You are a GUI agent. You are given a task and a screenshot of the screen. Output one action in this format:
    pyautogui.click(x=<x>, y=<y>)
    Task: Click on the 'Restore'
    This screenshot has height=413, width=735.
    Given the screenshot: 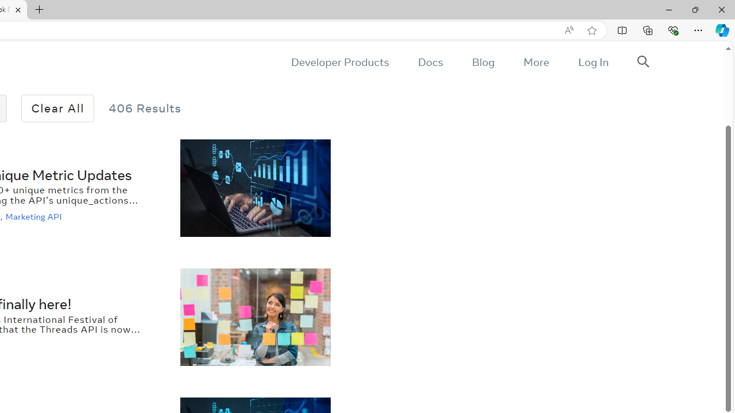 What is the action you would take?
    pyautogui.click(x=694, y=9)
    